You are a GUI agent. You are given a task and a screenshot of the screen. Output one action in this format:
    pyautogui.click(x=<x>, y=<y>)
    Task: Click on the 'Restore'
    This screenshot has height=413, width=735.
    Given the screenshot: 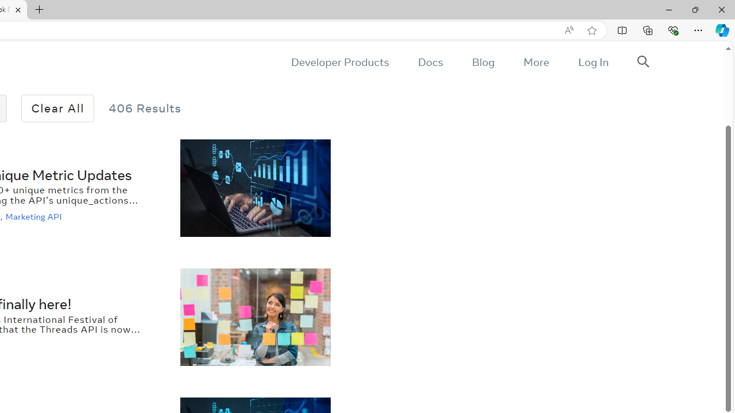 What is the action you would take?
    pyautogui.click(x=694, y=9)
    